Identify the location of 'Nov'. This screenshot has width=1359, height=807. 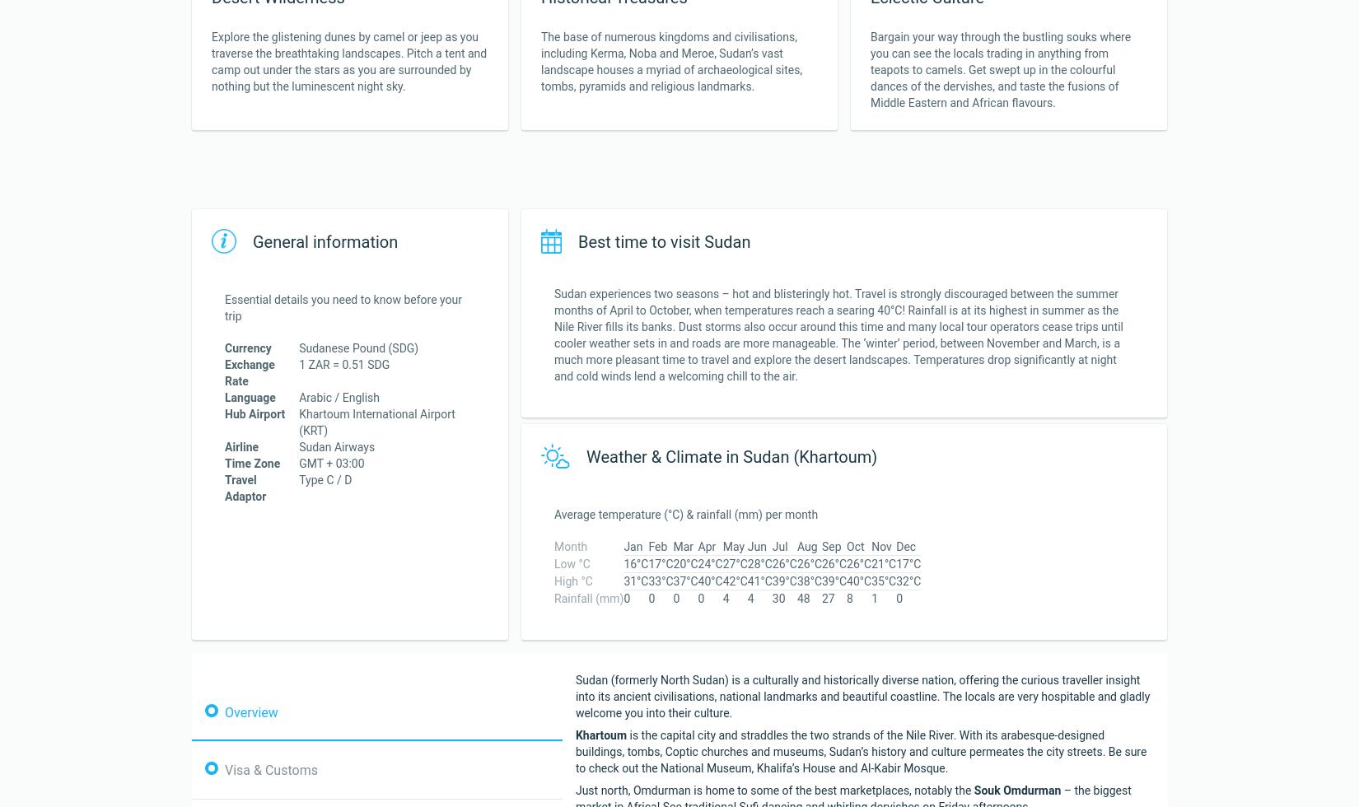
(881, 545).